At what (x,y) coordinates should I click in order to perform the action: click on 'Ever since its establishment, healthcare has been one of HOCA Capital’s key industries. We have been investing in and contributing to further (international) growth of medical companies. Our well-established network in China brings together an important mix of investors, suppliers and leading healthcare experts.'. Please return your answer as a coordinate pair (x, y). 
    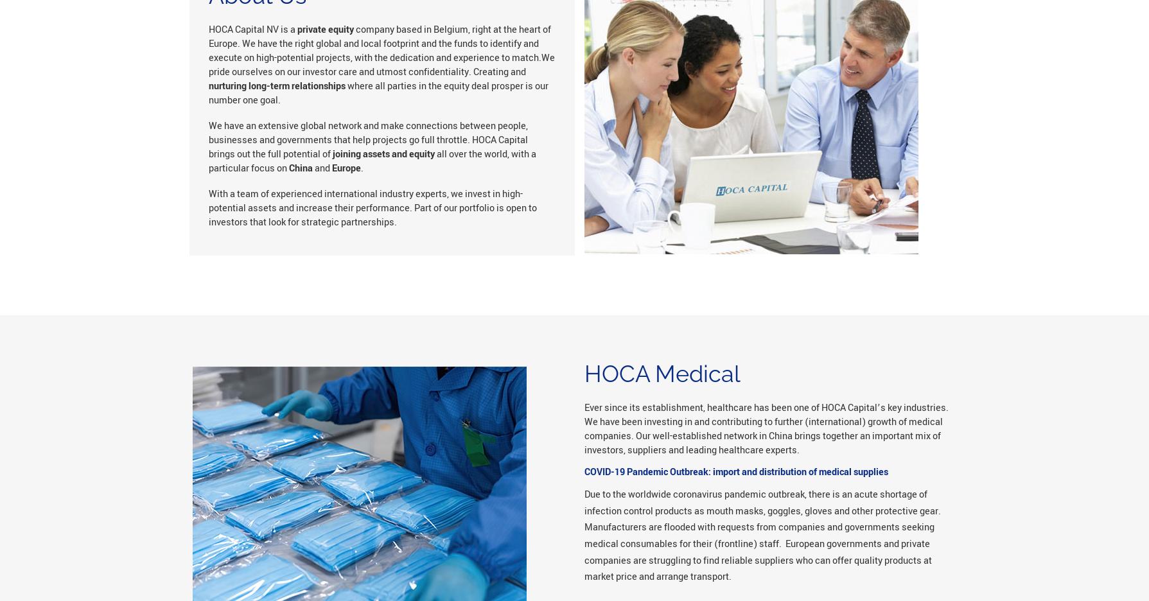
    Looking at the image, I should click on (765, 428).